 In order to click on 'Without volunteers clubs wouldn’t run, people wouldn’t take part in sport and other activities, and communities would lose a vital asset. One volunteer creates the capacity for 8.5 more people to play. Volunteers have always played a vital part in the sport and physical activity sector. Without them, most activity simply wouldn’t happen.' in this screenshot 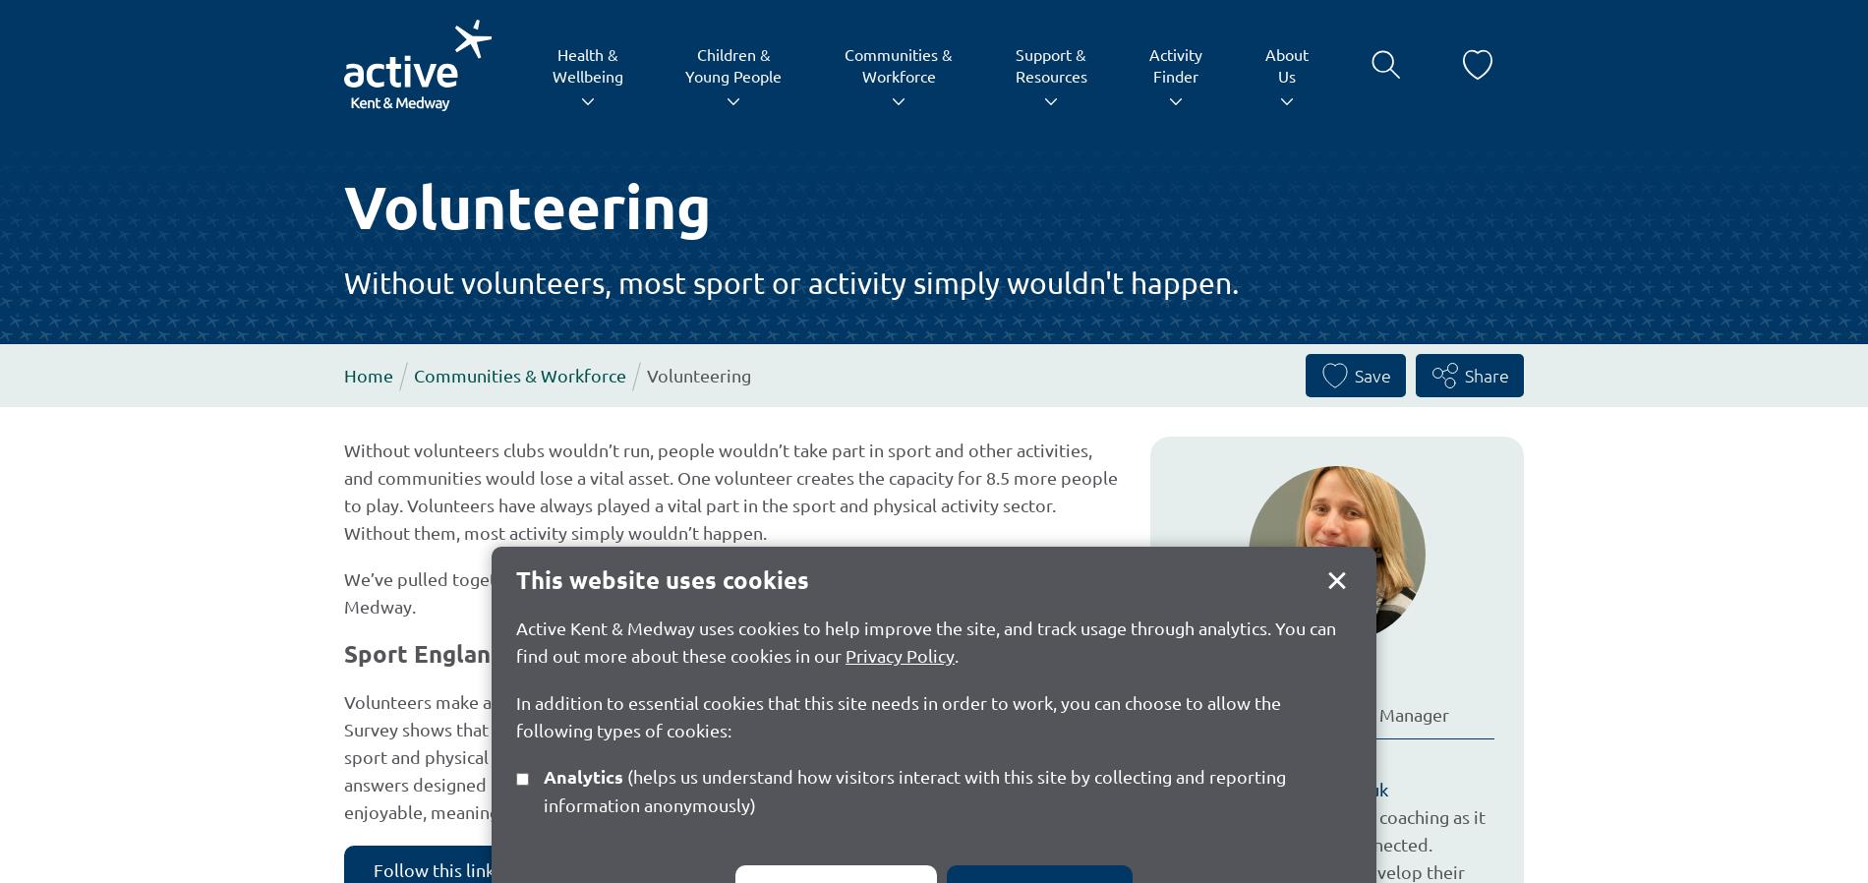, I will do `click(730, 489)`.